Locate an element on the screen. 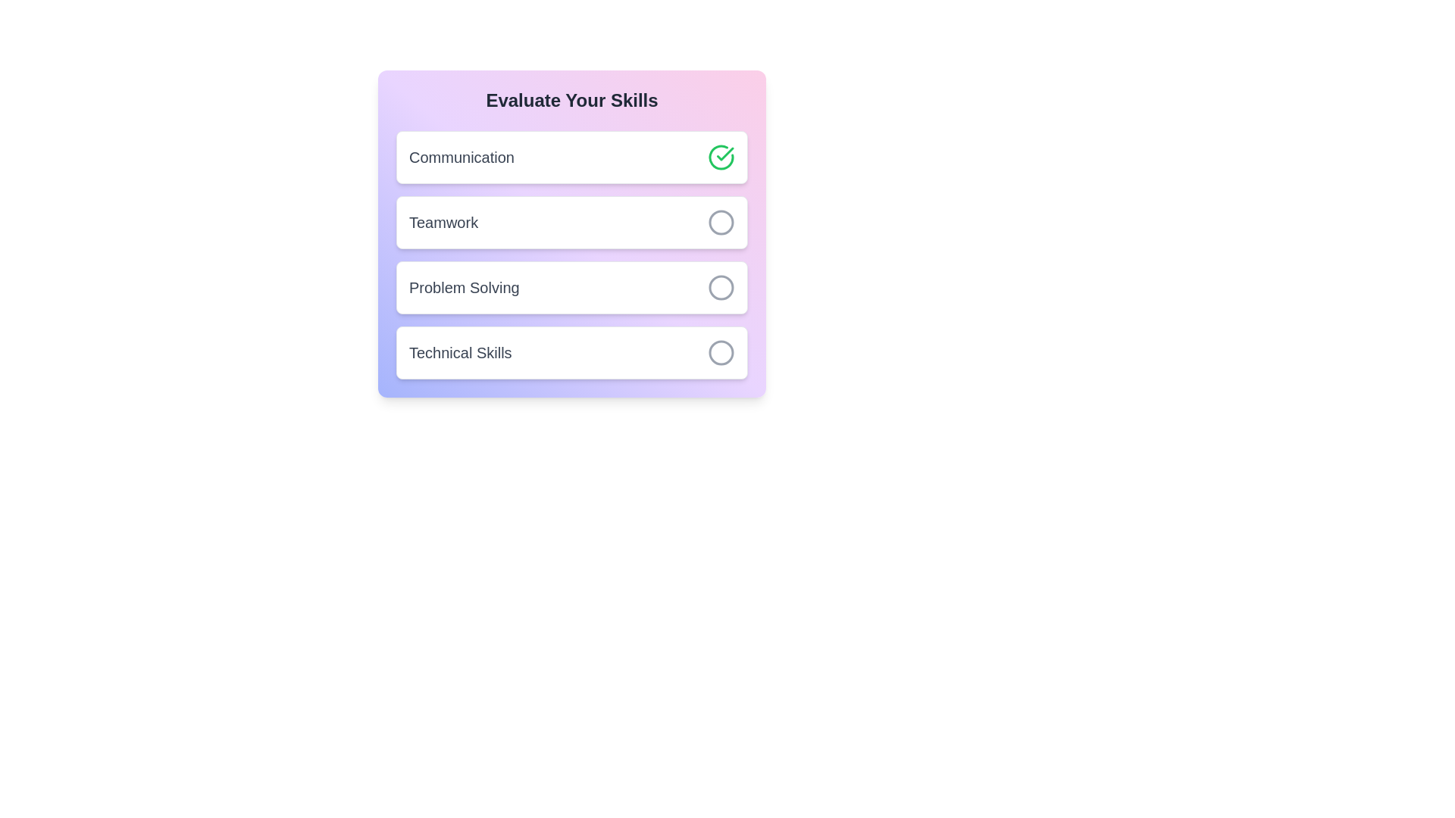  the skill Teamwork by clicking its associated button is located at coordinates (720, 222).